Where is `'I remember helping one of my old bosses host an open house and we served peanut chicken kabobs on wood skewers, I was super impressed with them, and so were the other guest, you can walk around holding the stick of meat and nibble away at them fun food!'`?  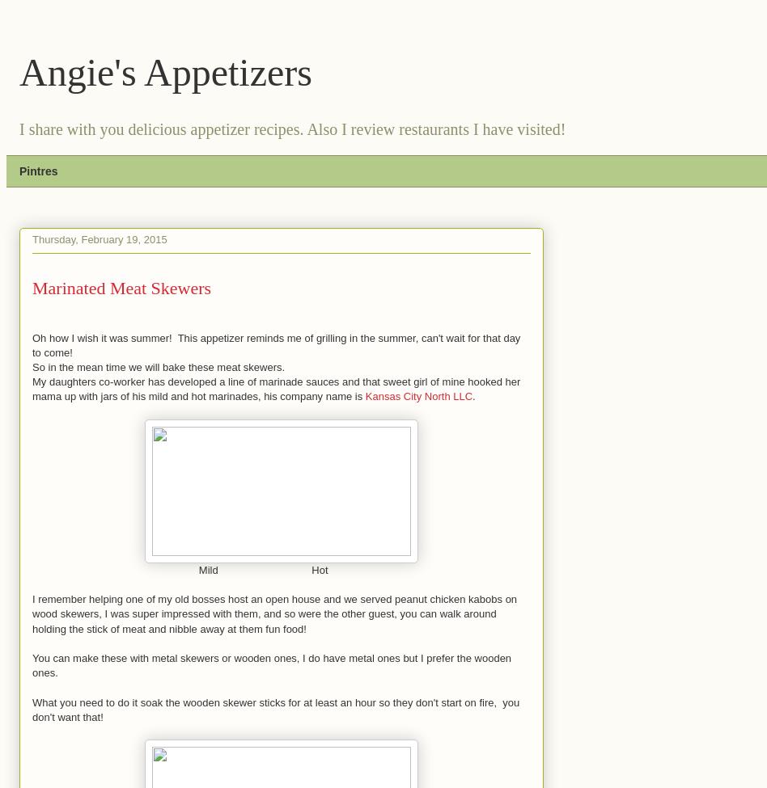
'I remember helping one of my old bosses host an open house and we served peanut chicken kabobs on wood skewers, I was super impressed with them, and so were the other guest, you can walk around holding the stick of meat and nibble away at them fun food!' is located at coordinates (274, 613).